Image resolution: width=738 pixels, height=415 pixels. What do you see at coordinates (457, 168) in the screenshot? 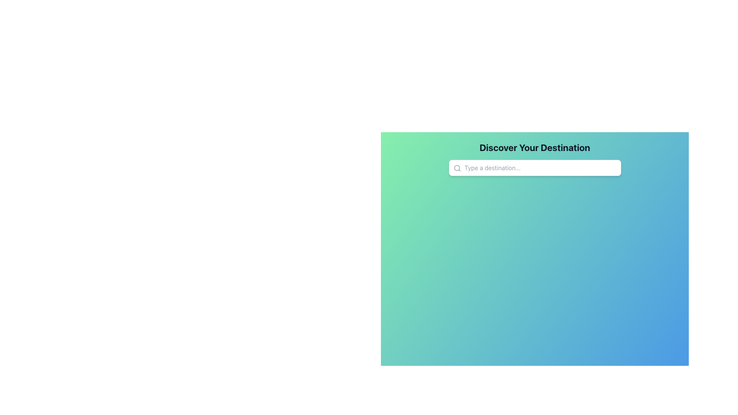
I see `the SVG Circle Element located at the center of the magnifying glass icon, which is to the left of the search input field` at bounding box center [457, 168].